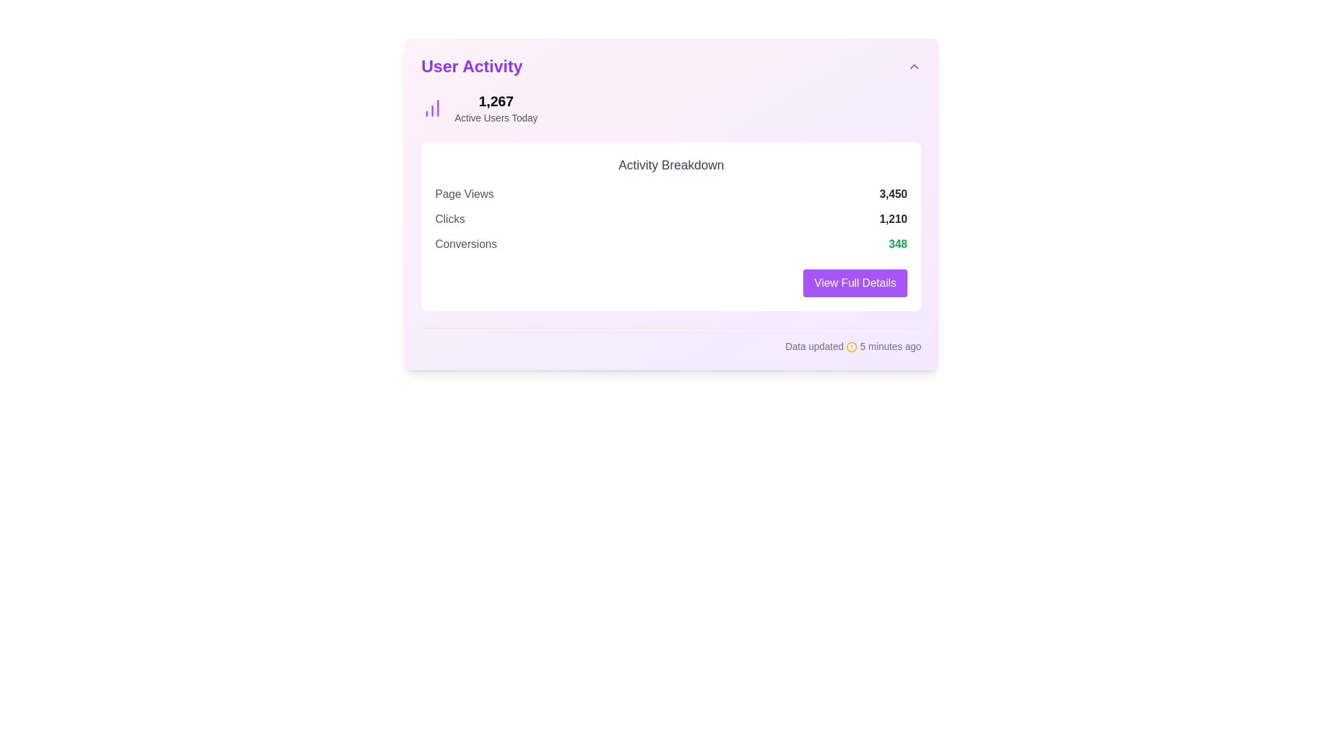 The width and height of the screenshot is (1333, 750). What do you see at coordinates (893, 219) in the screenshot?
I see `the Text Label displaying '1,210' in bold dark gray color, which is located in the Activity Breakdown section next to 'Clicks'` at bounding box center [893, 219].